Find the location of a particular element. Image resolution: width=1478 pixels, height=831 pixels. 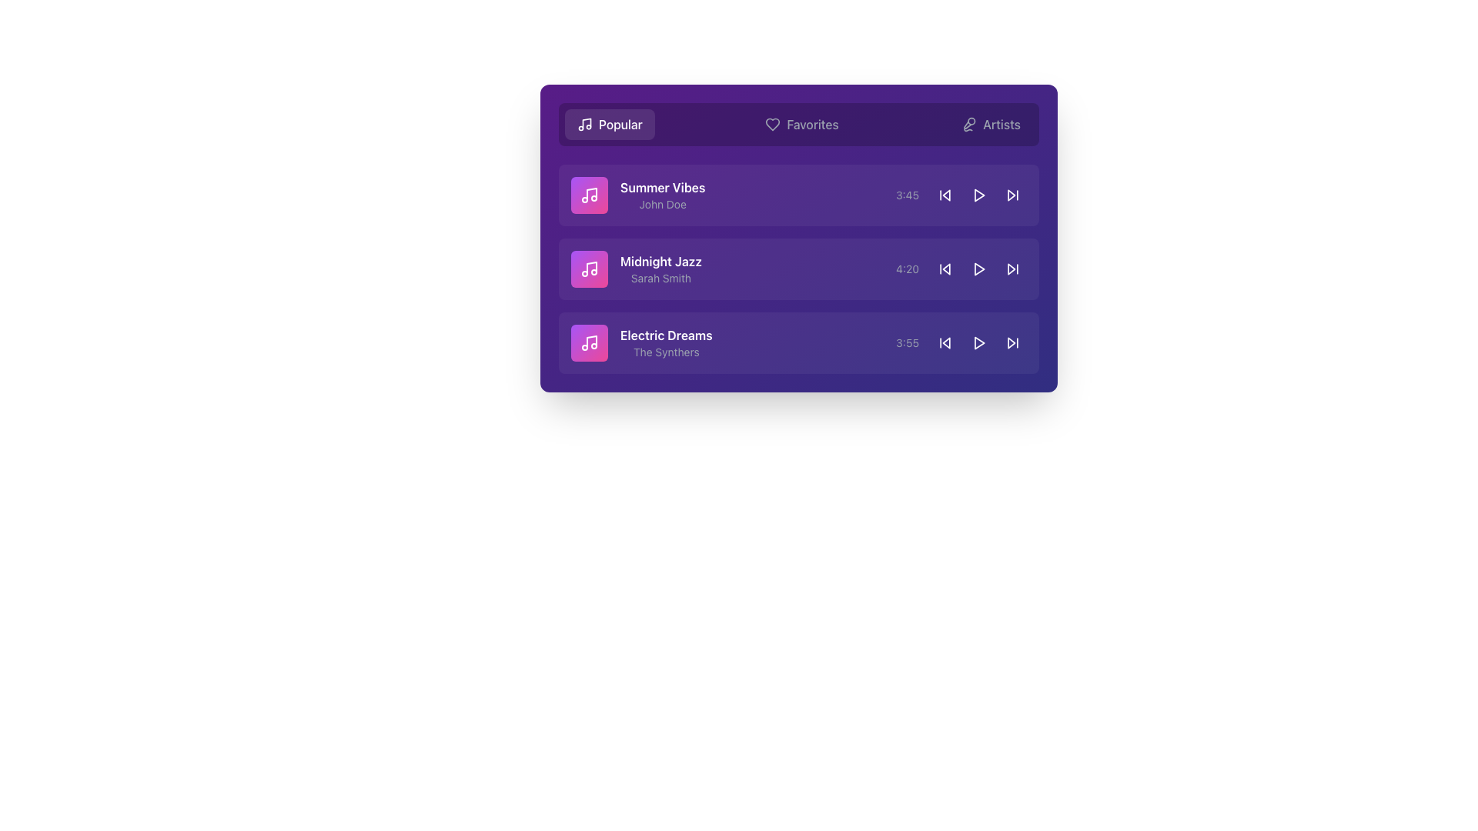

the List Item displaying the song 'Midnight Jazz' by 'Sarah Smith', which is the second entry in the song list is located at coordinates (798, 269).